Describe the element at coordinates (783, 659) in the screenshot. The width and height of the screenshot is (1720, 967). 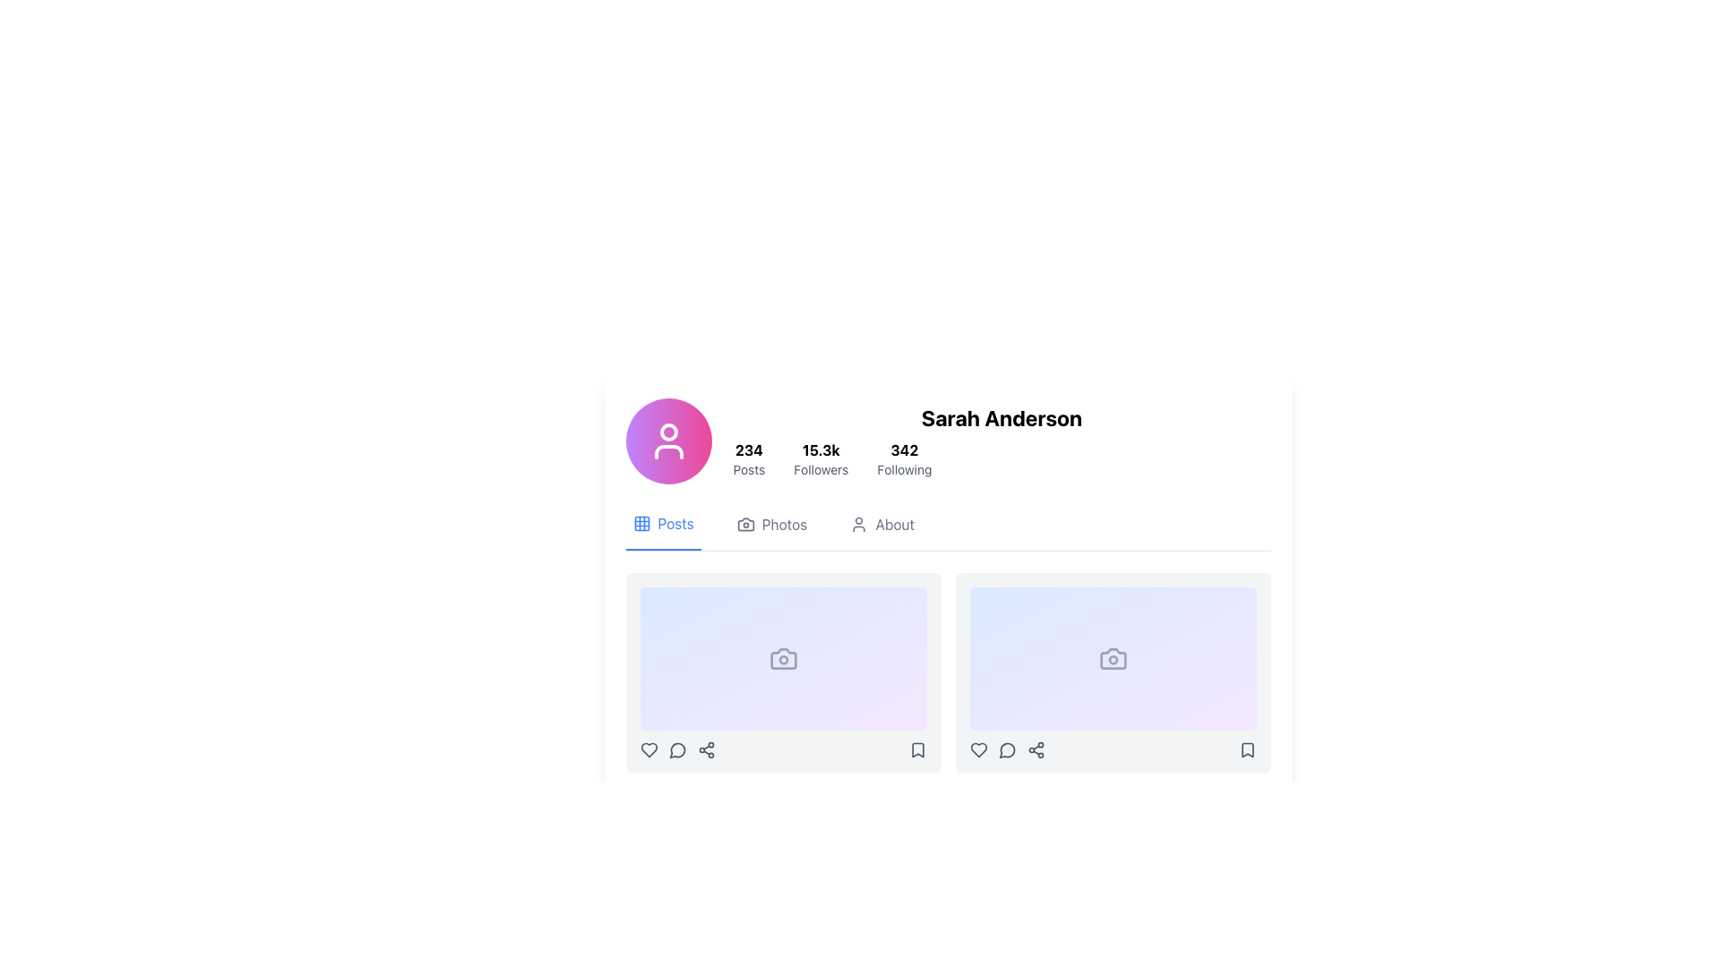
I see `the first Image Placeholder Card, which is a rectangular card with a rounded border and a gray camera icon at its center` at that location.